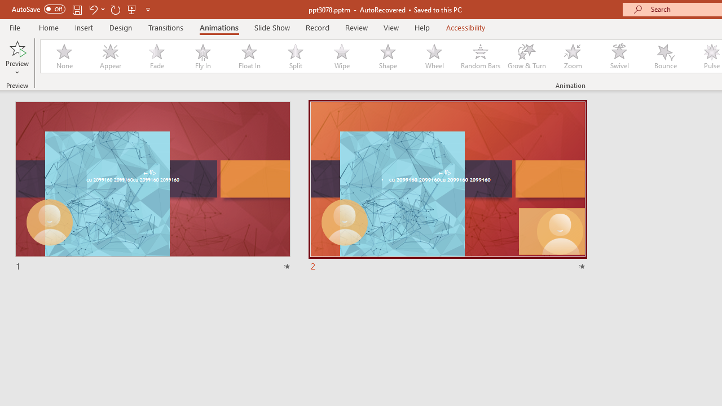  I want to click on 'Grow & Turn', so click(526, 56).